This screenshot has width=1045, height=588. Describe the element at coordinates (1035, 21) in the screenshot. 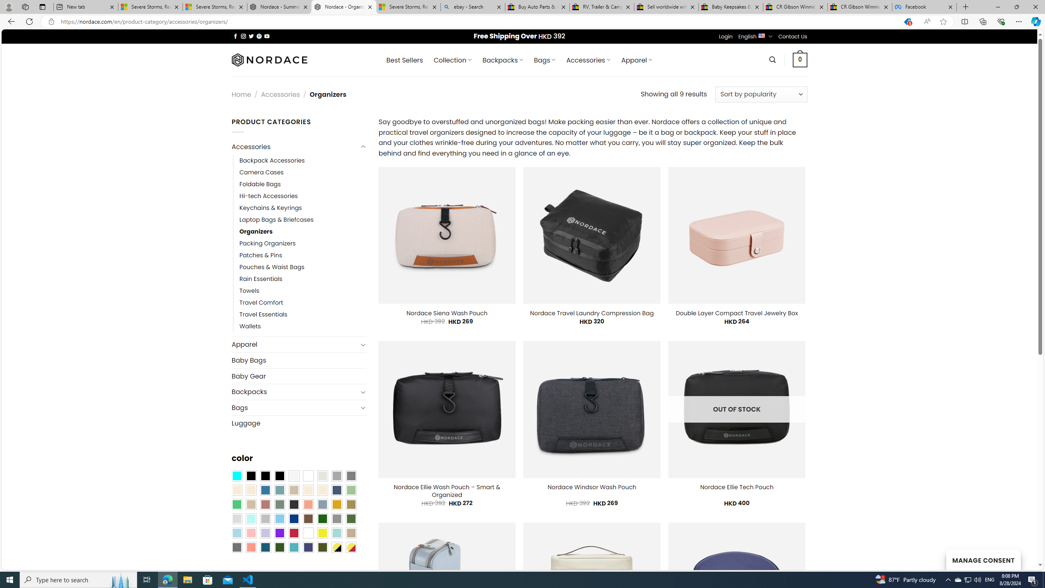

I see `'Copilot (Ctrl+Shift+.)'` at that location.